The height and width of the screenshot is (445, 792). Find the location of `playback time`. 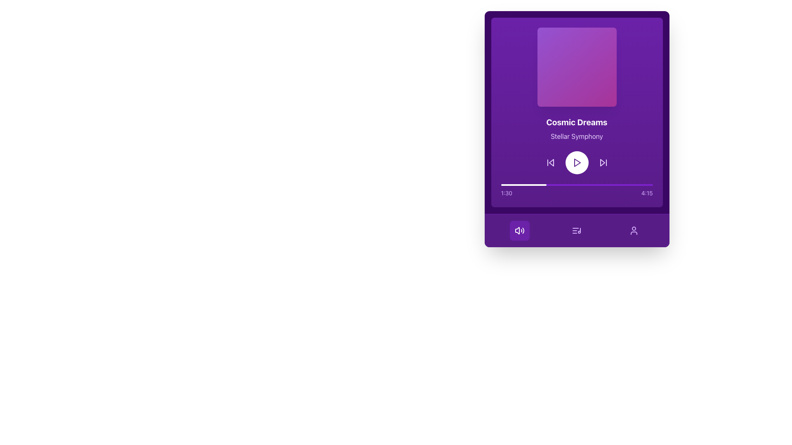

playback time is located at coordinates (617, 184).